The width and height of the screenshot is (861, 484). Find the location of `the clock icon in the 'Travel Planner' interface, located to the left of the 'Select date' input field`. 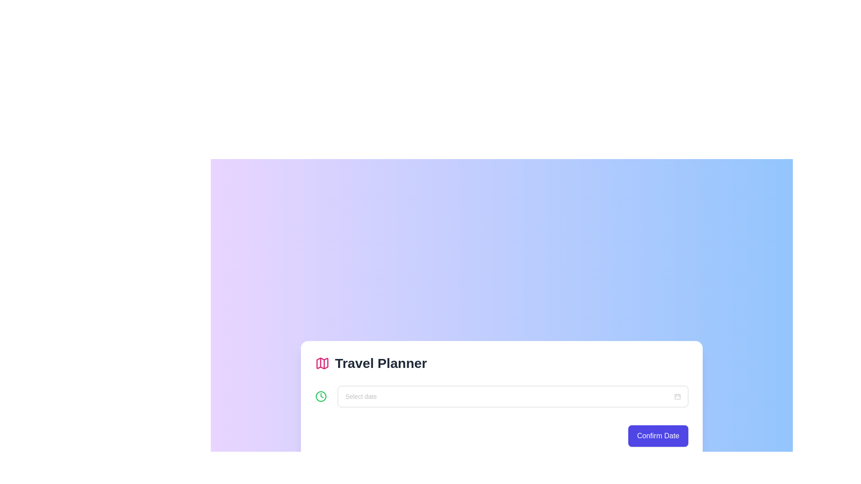

the clock icon in the 'Travel Planner' interface, located to the left of the 'Select date' input field is located at coordinates (321, 396).